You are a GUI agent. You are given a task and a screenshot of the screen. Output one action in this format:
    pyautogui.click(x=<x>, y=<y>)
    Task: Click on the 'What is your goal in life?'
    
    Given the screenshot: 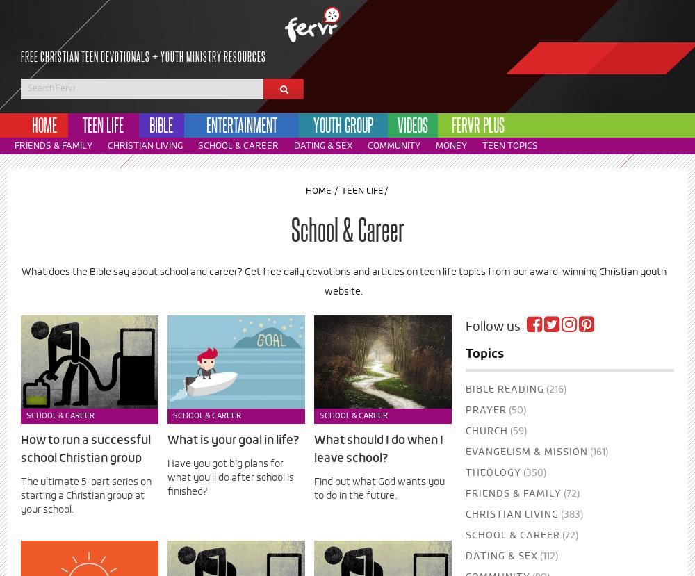 What is the action you would take?
    pyautogui.click(x=233, y=441)
    